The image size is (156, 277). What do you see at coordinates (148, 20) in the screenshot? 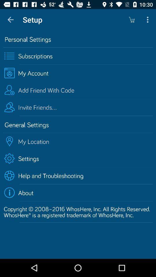
I see `the icon above the personal settings icon` at bounding box center [148, 20].